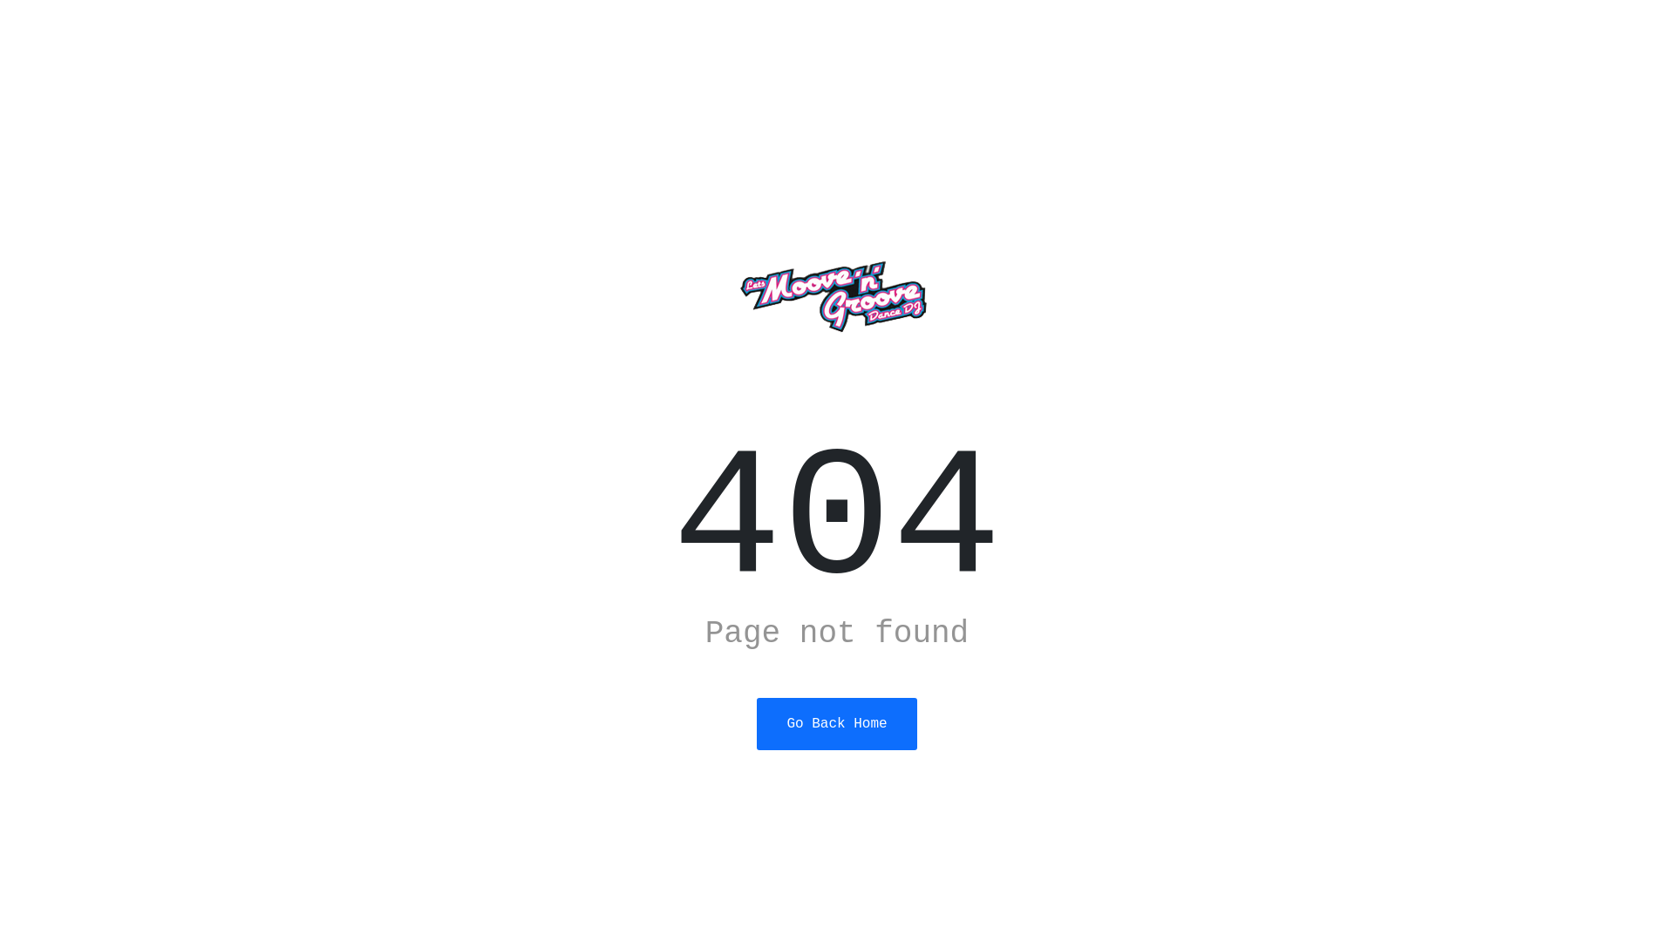 This screenshot has width=1674, height=941. I want to click on 'Go Back Home', so click(835, 722).